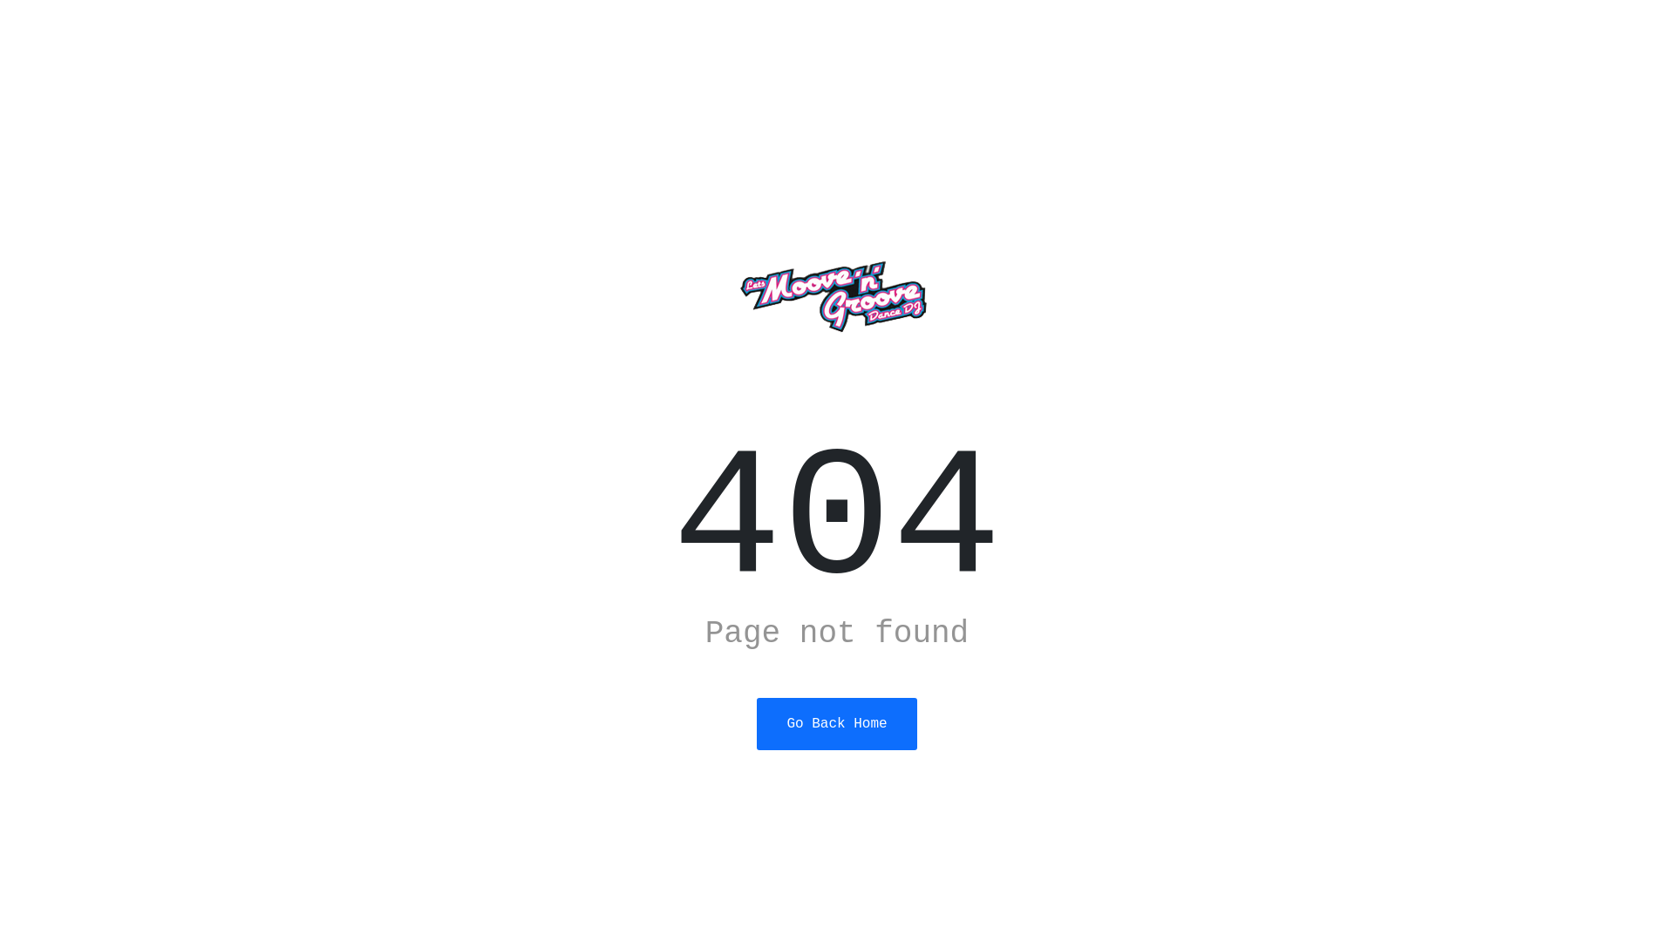 This screenshot has width=1674, height=941. I want to click on 'Go Back Home', so click(835, 722).